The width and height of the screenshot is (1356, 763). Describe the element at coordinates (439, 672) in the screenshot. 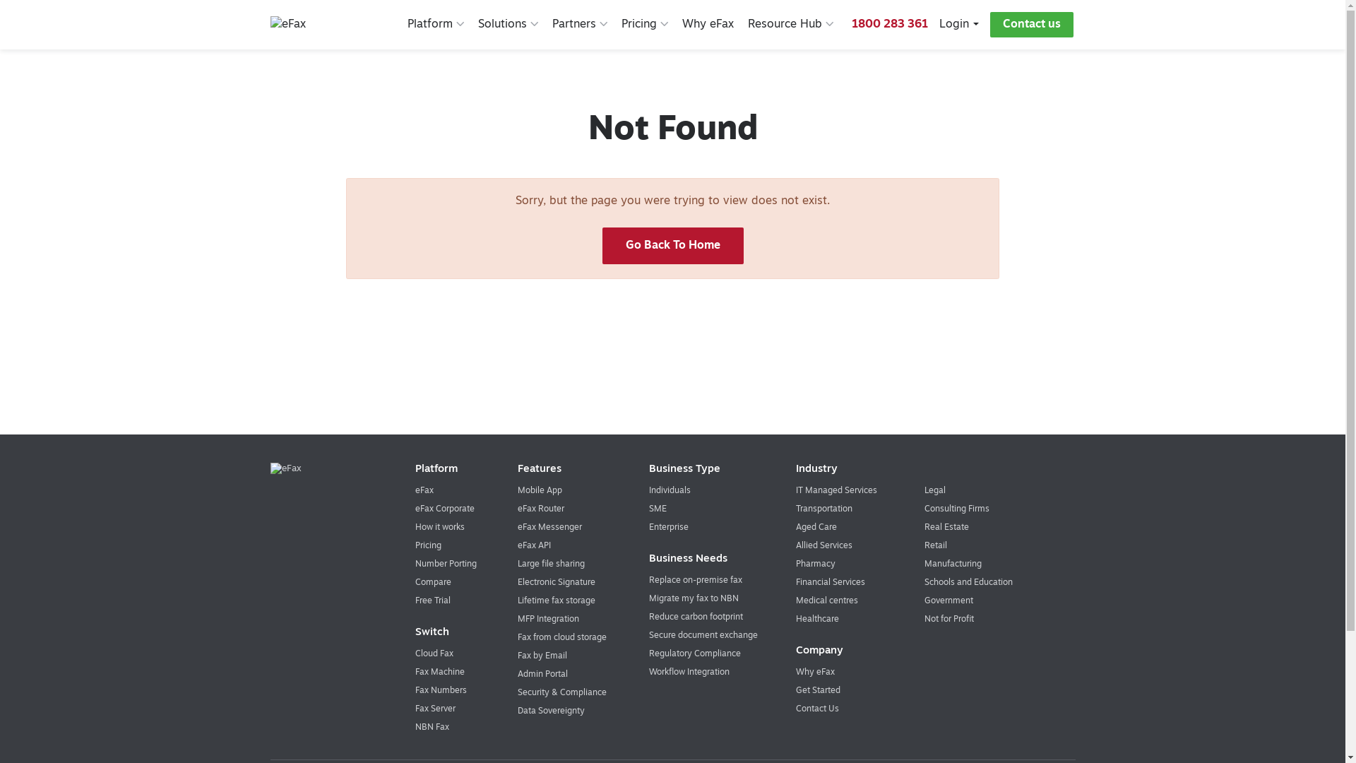

I see `'Fax Machine'` at that location.